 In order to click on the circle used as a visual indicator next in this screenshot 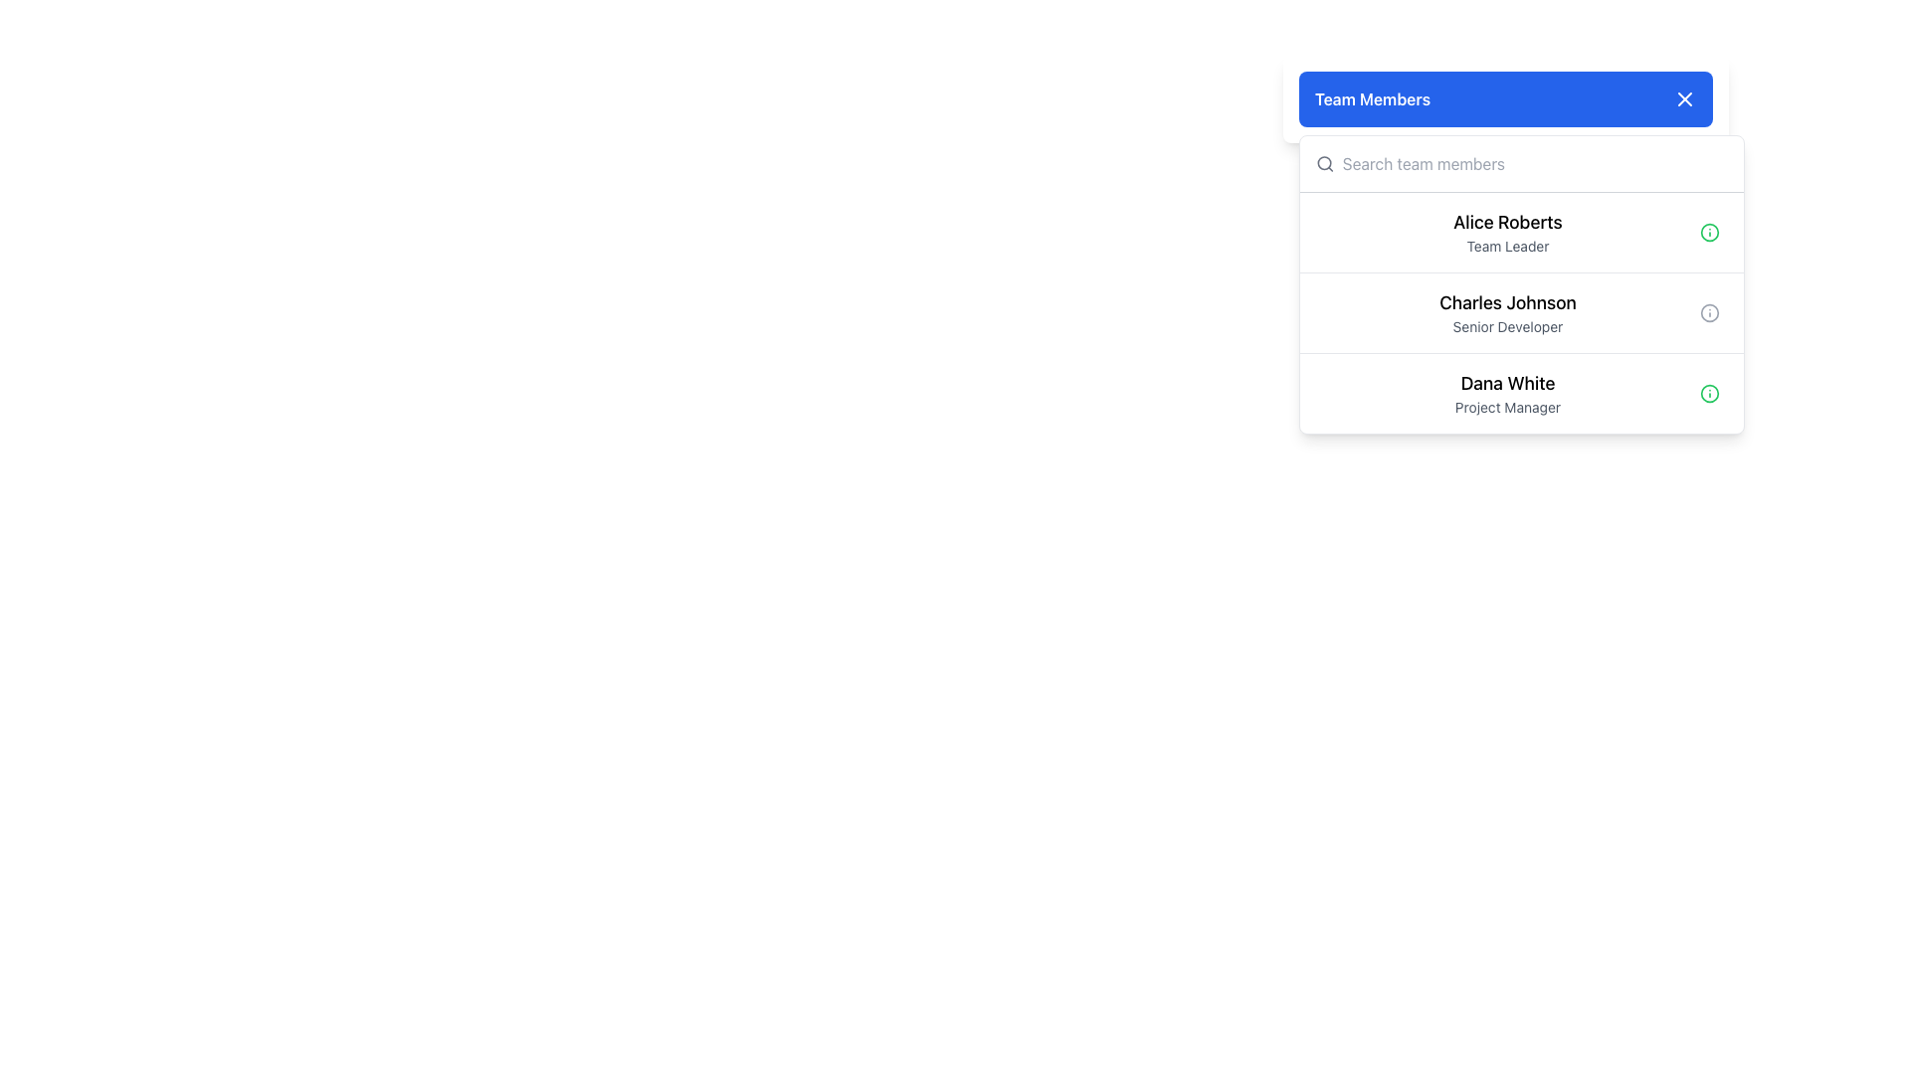, I will do `click(1708, 394)`.